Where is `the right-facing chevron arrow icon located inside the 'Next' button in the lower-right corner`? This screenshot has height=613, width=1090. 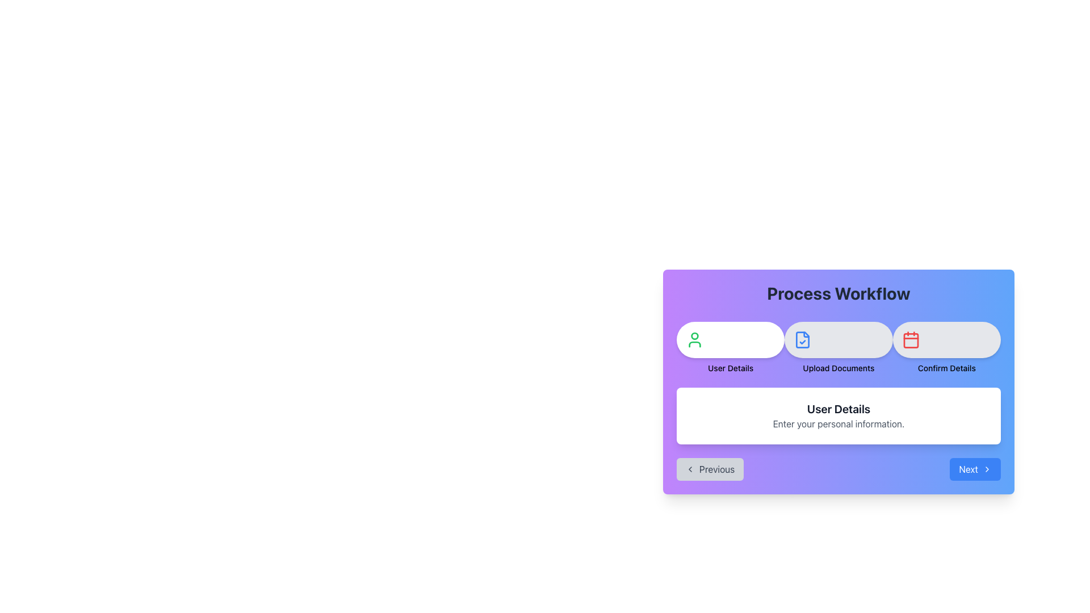
the right-facing chevron arrow icon located inside the 'Next' button in the lower-right corner is located at coordinates (986, 469).